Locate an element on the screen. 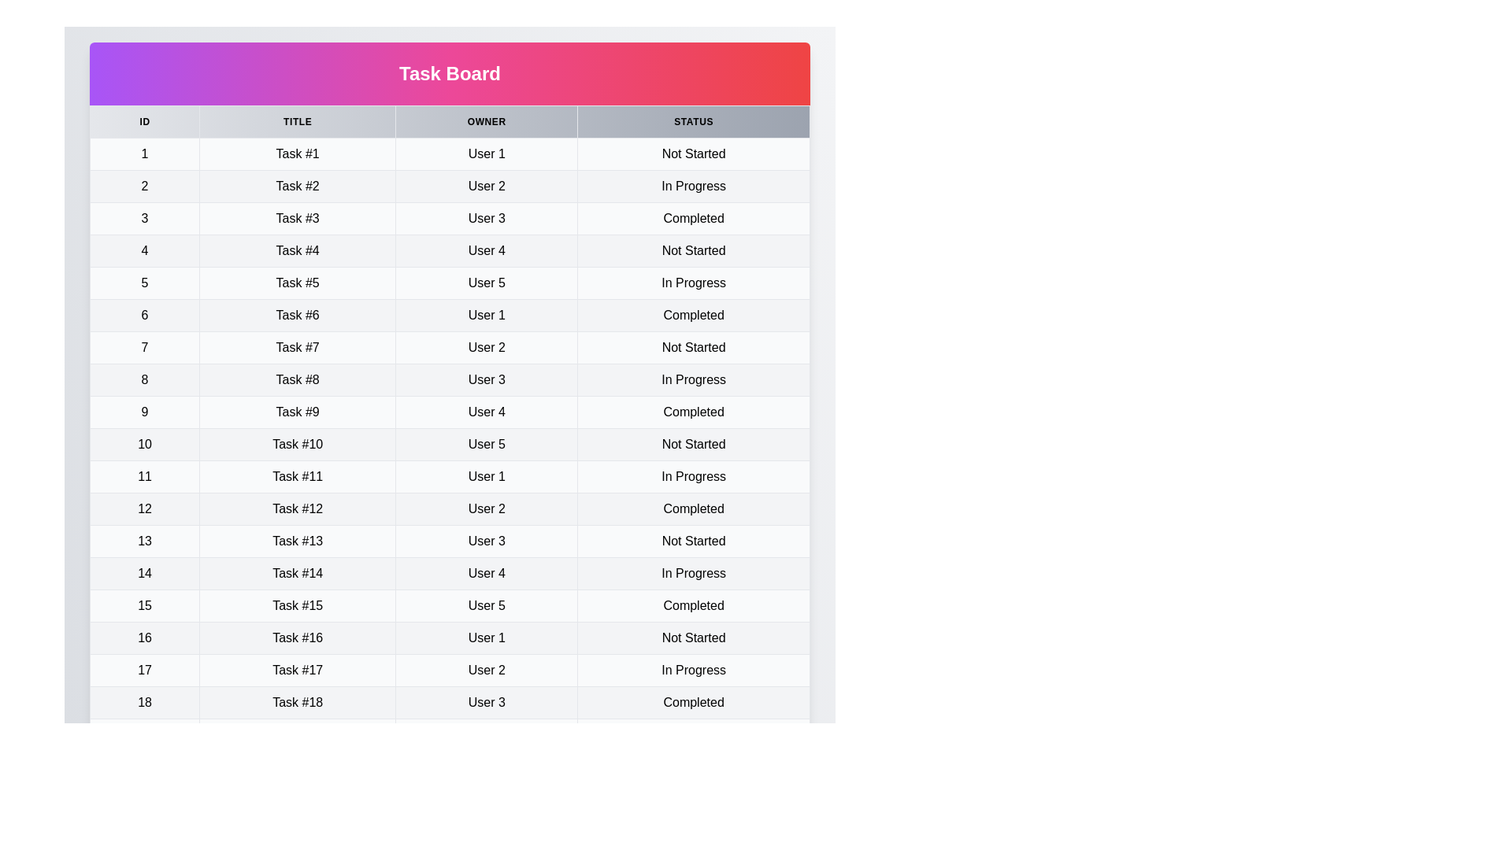 This screenshot has width=1512, height=850. the header labeled 'Task Board' to inspect its contextual information is located at coordinates (449, 73).